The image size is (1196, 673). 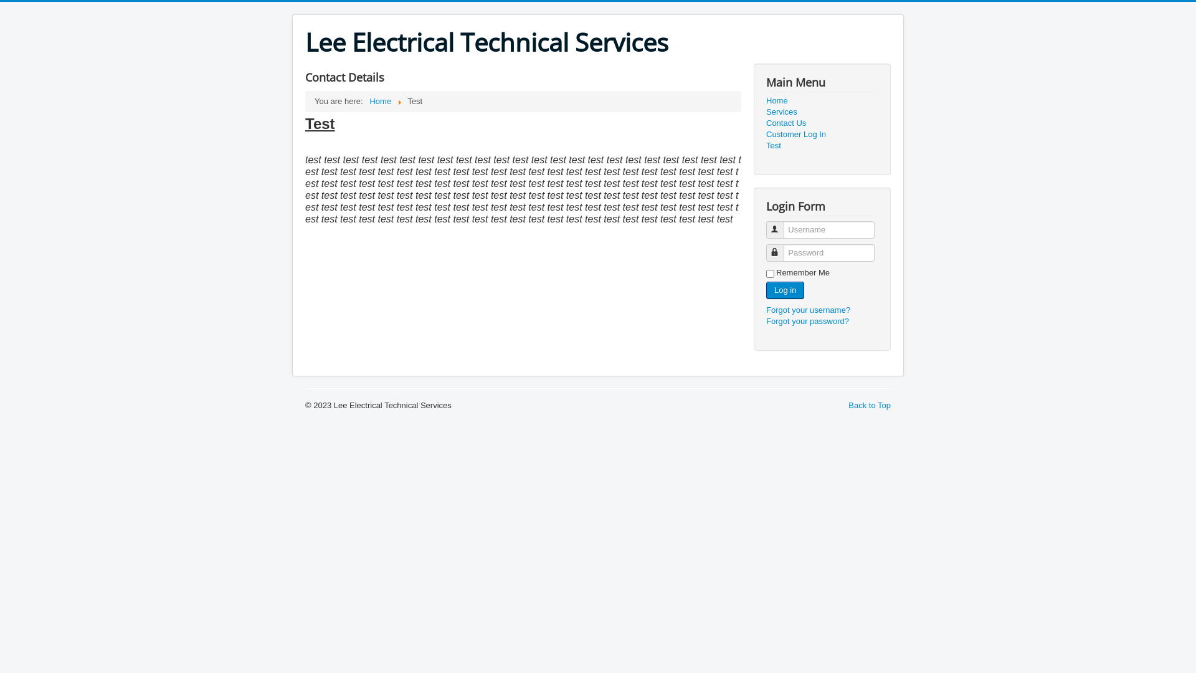 What do you see at coordinates (808, 309) in the screenshot?
I see `'Forgot your username?'` at bounding box center [808, 309].